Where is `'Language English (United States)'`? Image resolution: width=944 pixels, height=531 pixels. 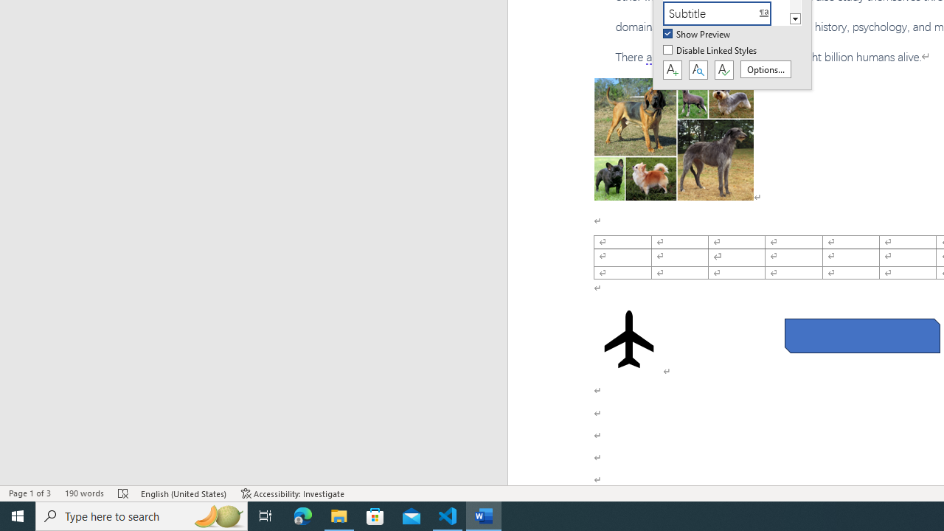 'Language English (United States)' is located at coordinates (184, 493).